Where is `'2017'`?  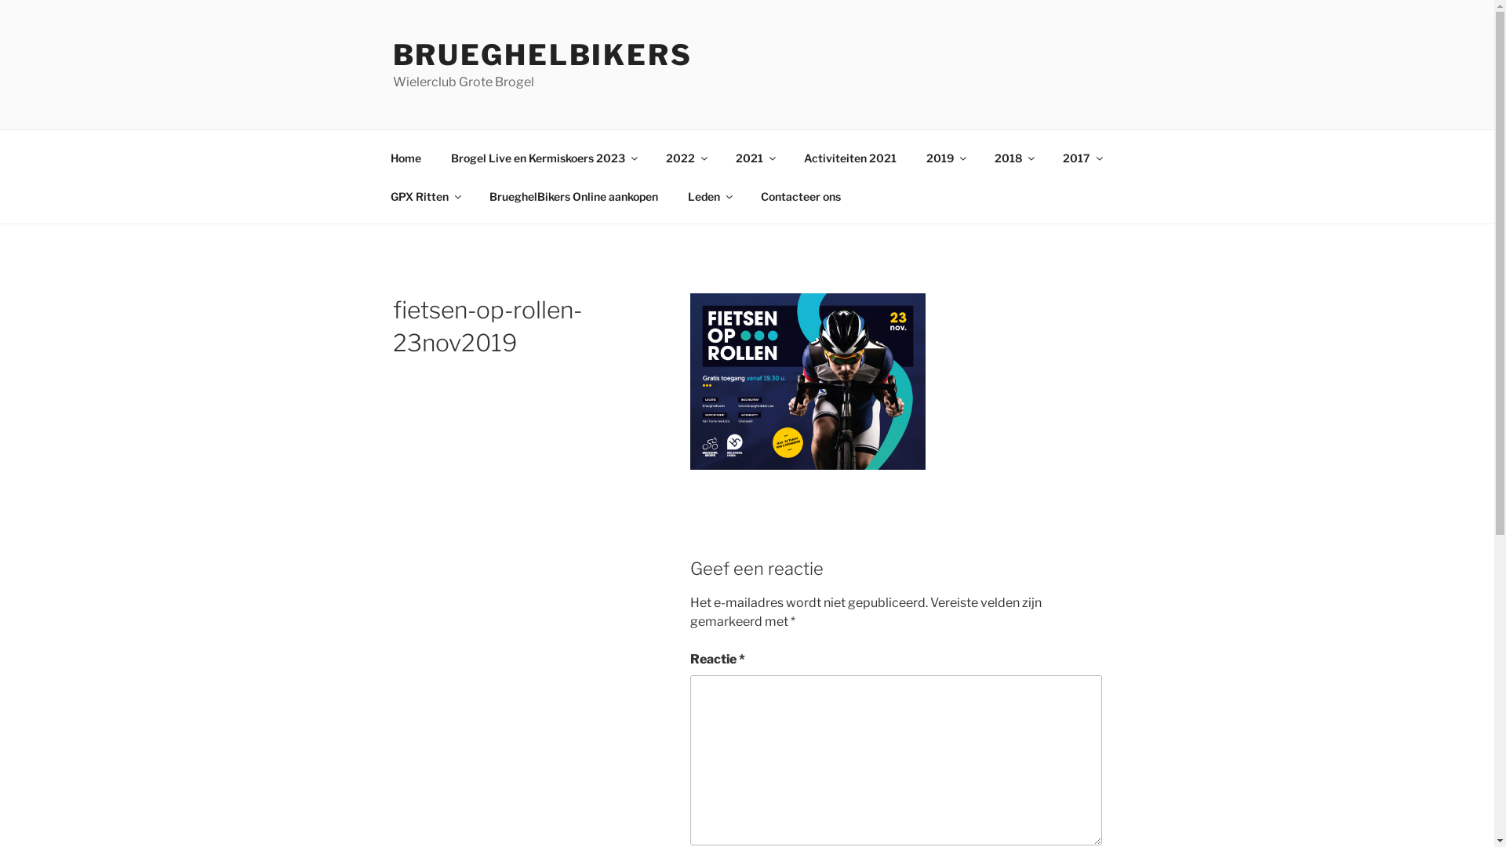 '2017' is located at coordinates (1082, 157).